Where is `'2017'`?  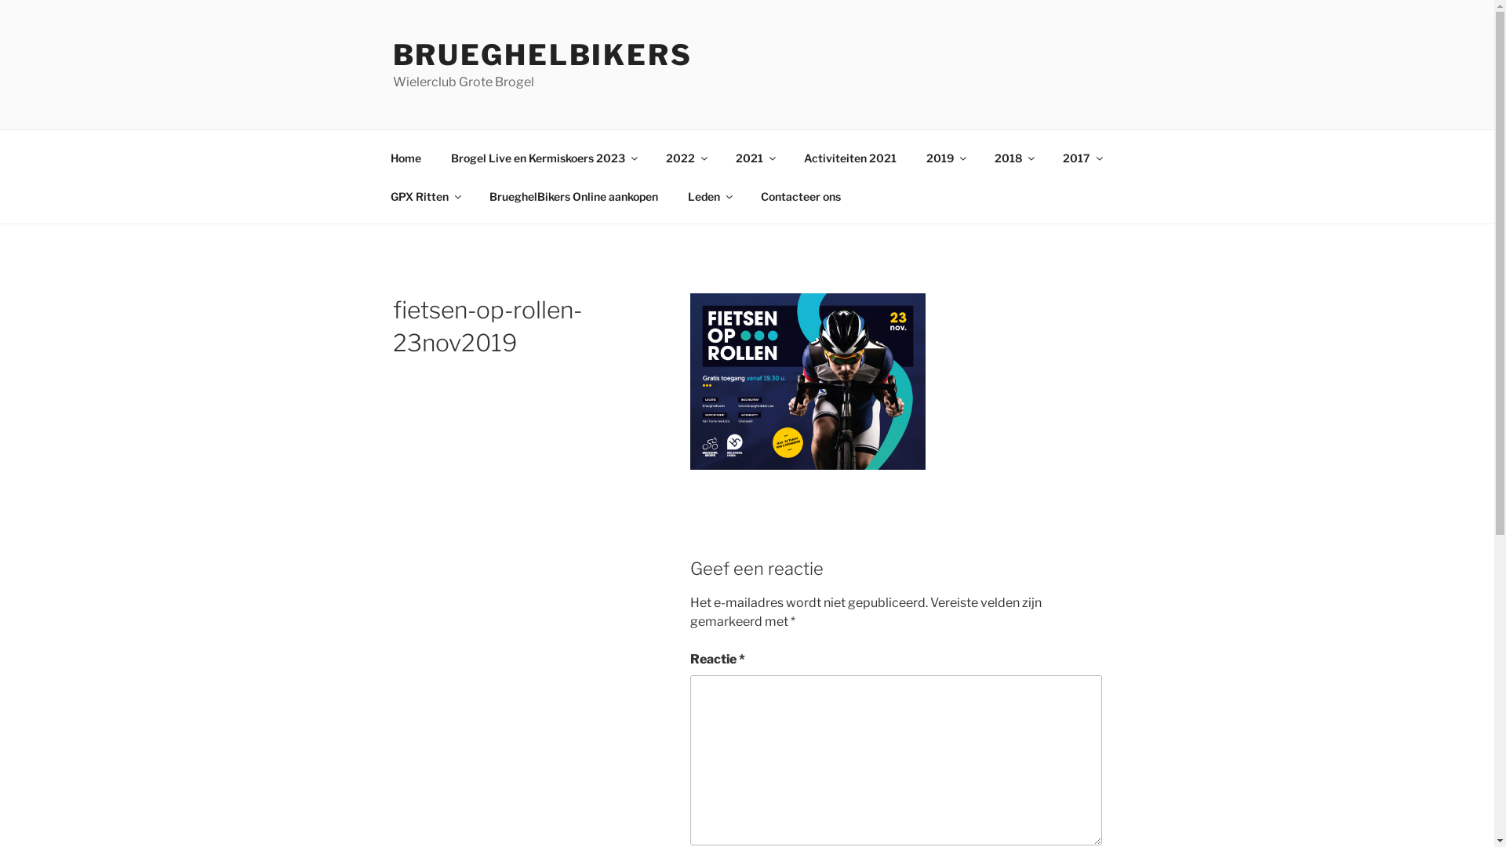 '2017' is located at coordinates (1082, 157).